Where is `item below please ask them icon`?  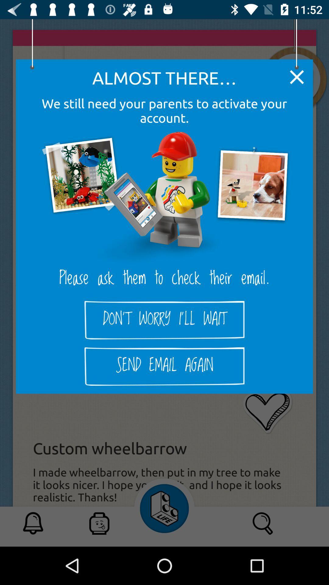
item below please ask them icon is located at coordinates (164, 320).